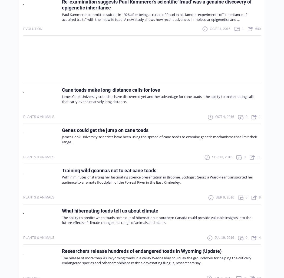 The width and height of the screenshot is (284, 278). Describe the element at coordinates (158, 98) in the screenshot. I see `'James Cook University scientists have discovered yet another advantage for cane toads - the ability to make mating calls that carry over a relatively long distance.'` at that location.